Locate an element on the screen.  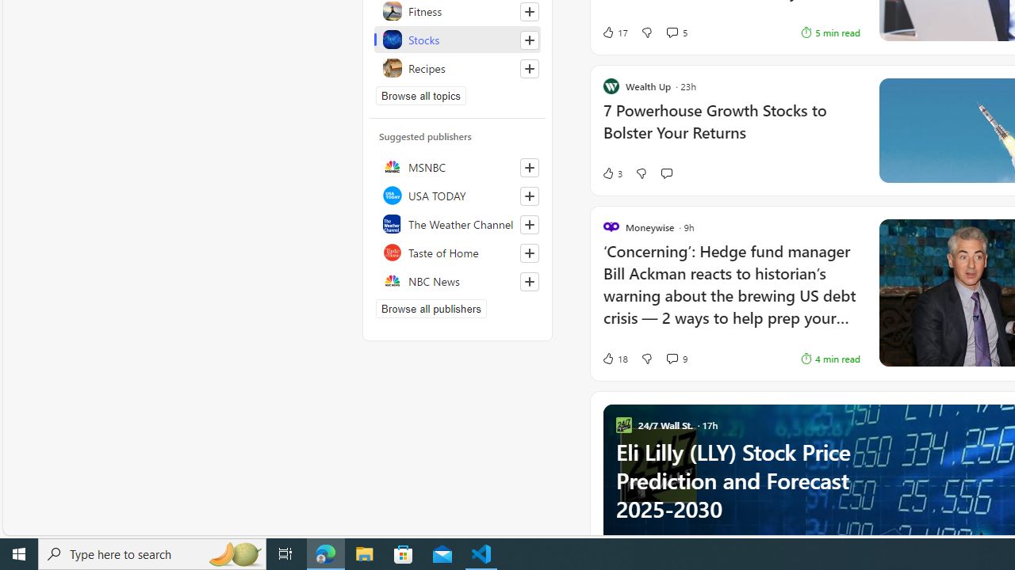
'17 Like' is located at coordinates (614, 32).